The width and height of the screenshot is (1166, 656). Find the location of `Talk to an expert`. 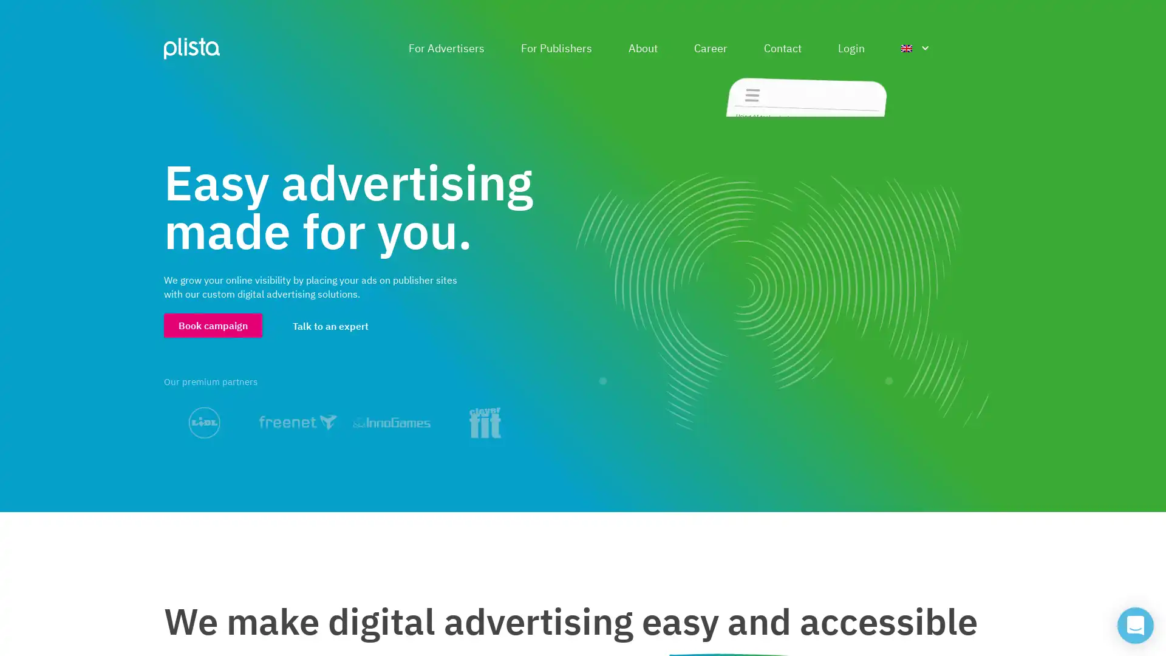

Talk to an expert is located at coordinates (330, 325).